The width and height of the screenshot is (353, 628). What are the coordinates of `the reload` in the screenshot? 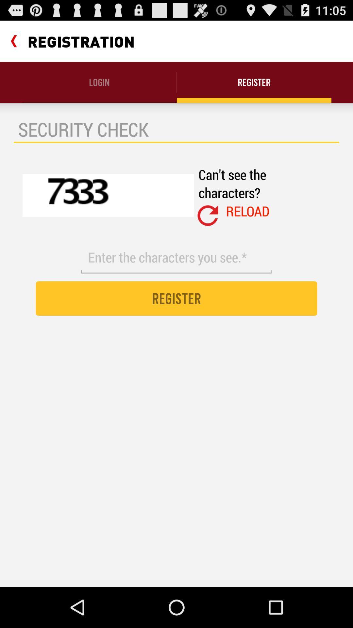 It's located at (248, 211).